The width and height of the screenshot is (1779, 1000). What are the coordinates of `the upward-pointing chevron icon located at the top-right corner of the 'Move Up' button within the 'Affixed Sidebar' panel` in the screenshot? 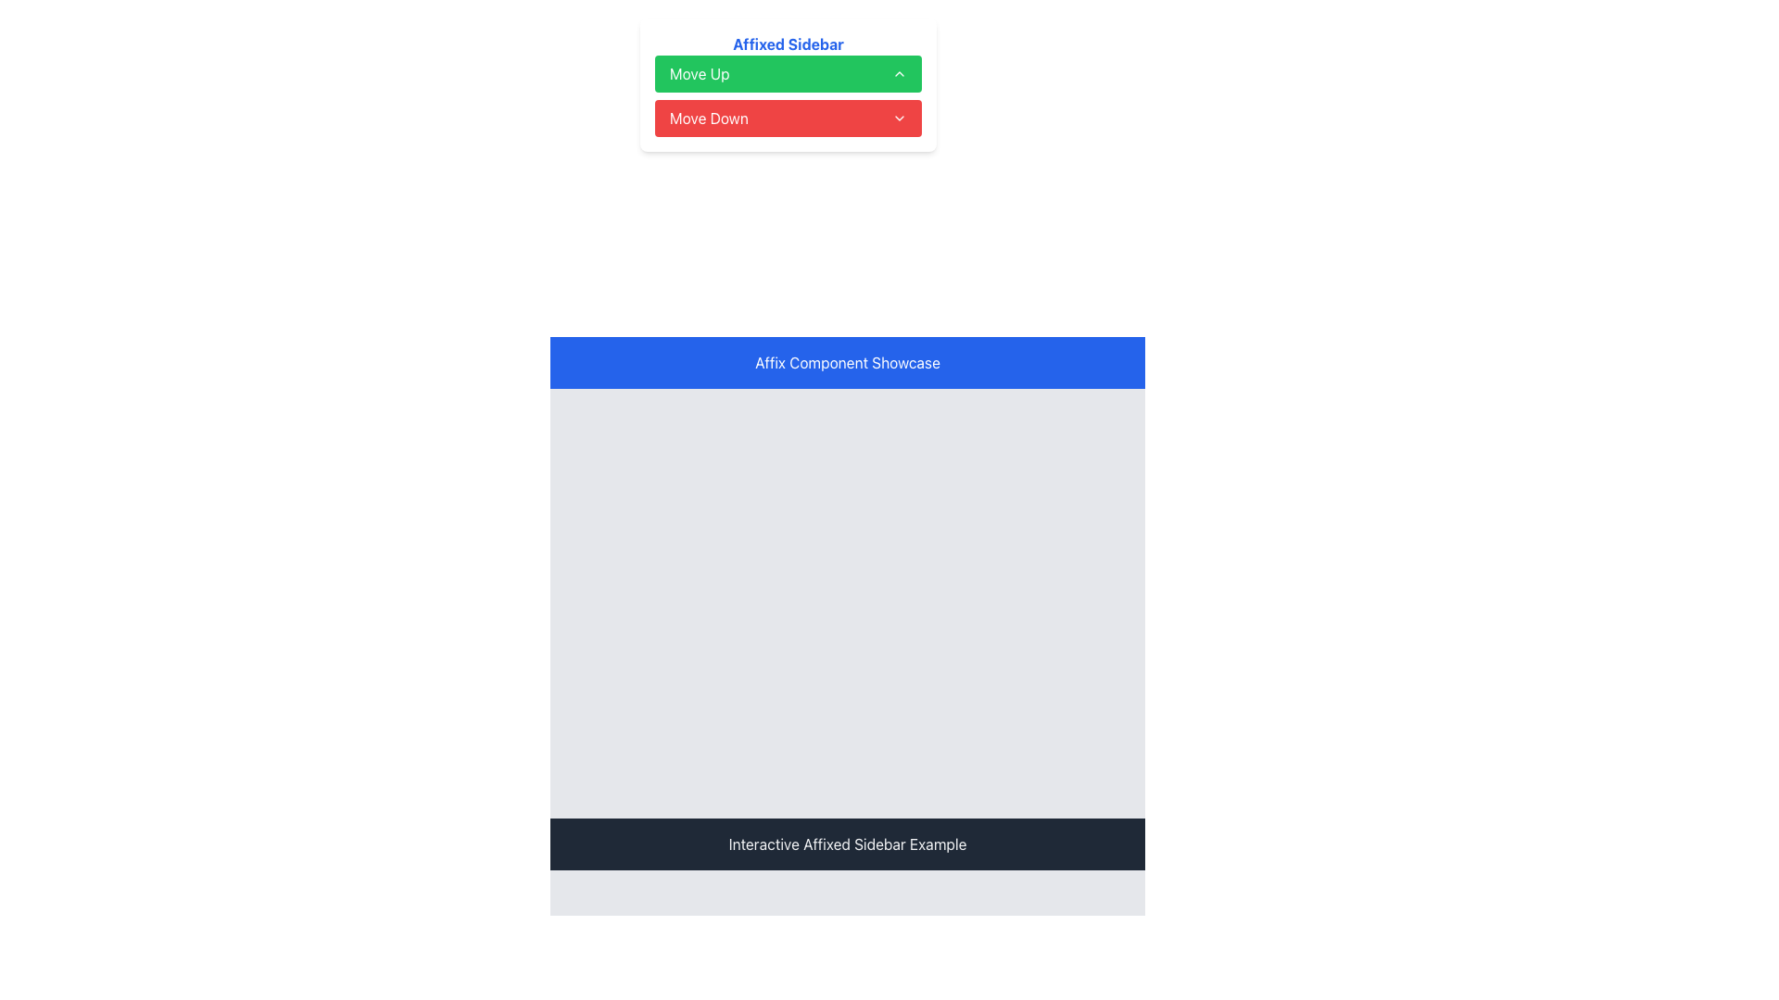 It's located at (899, 73).